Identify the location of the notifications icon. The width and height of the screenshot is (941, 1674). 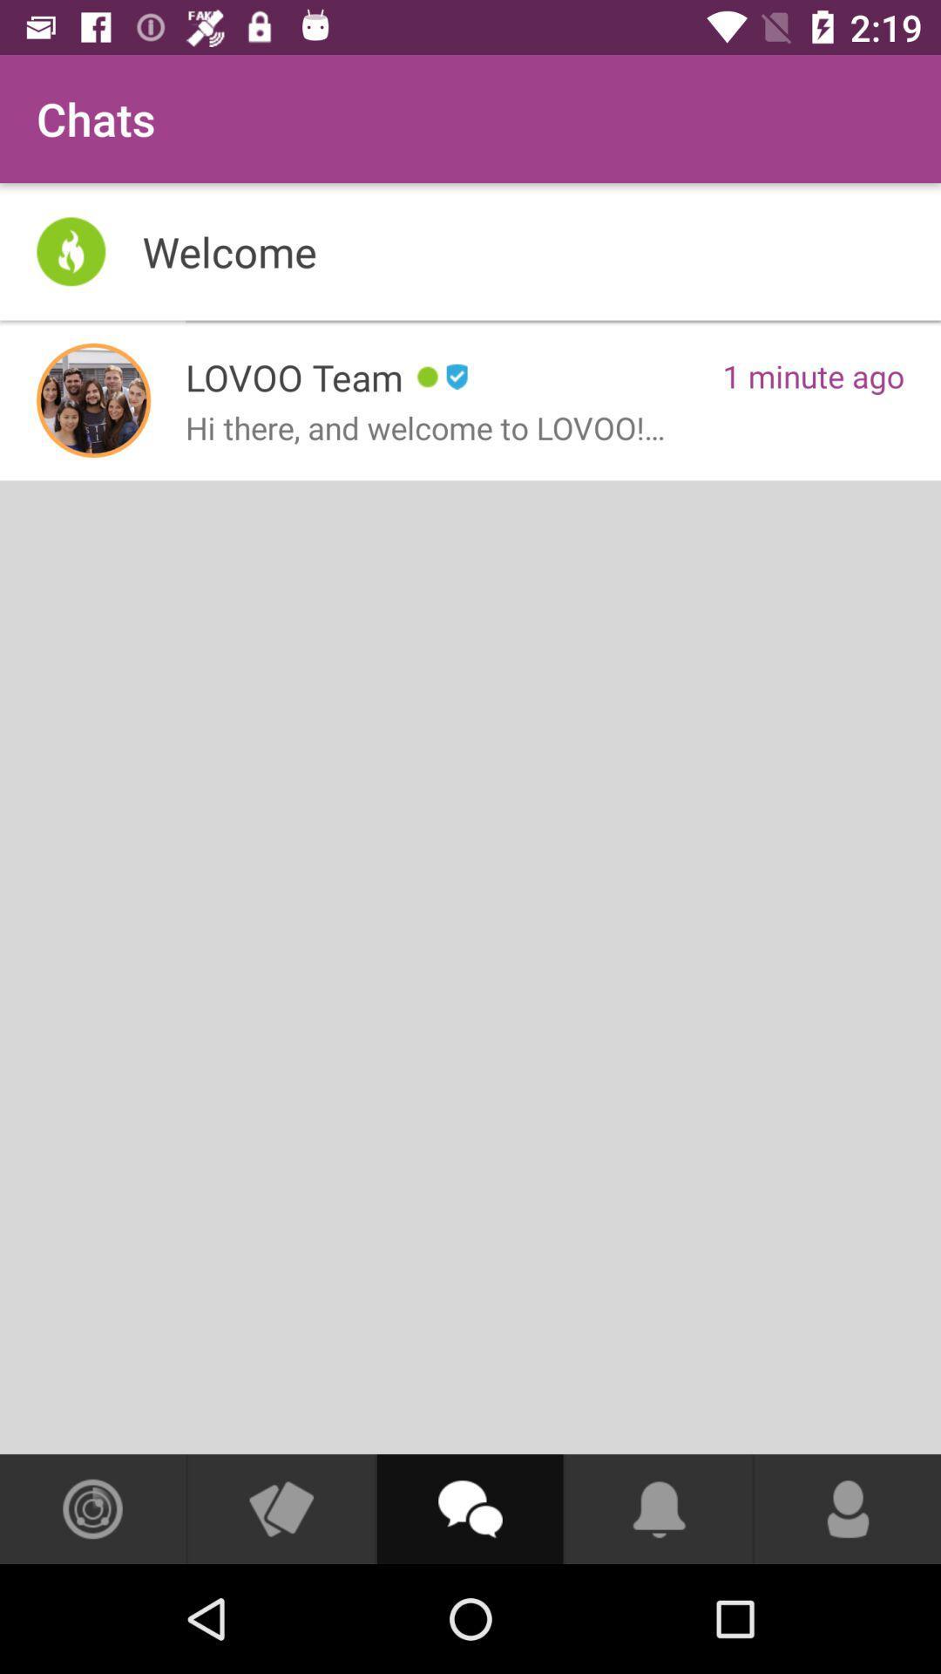
(659, 1508).